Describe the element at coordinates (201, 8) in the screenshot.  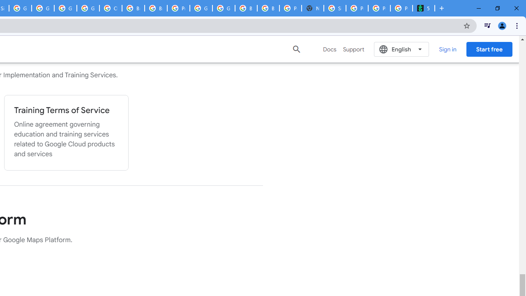
I see `'Google Cloud Platform'` at that location.